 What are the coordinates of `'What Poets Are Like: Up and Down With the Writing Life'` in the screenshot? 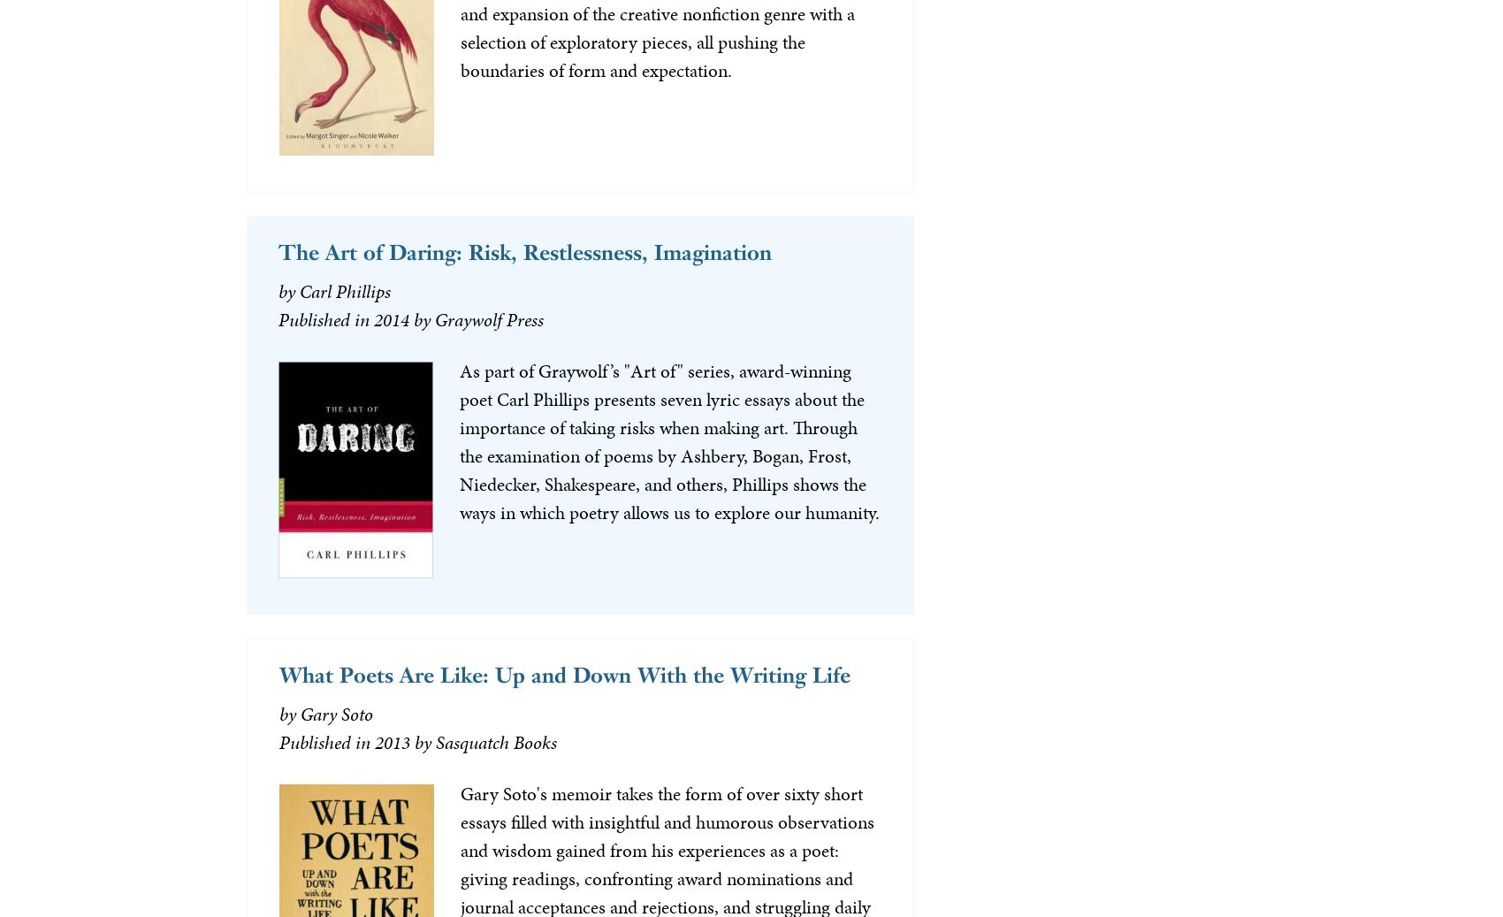 It's located at (278, 674).